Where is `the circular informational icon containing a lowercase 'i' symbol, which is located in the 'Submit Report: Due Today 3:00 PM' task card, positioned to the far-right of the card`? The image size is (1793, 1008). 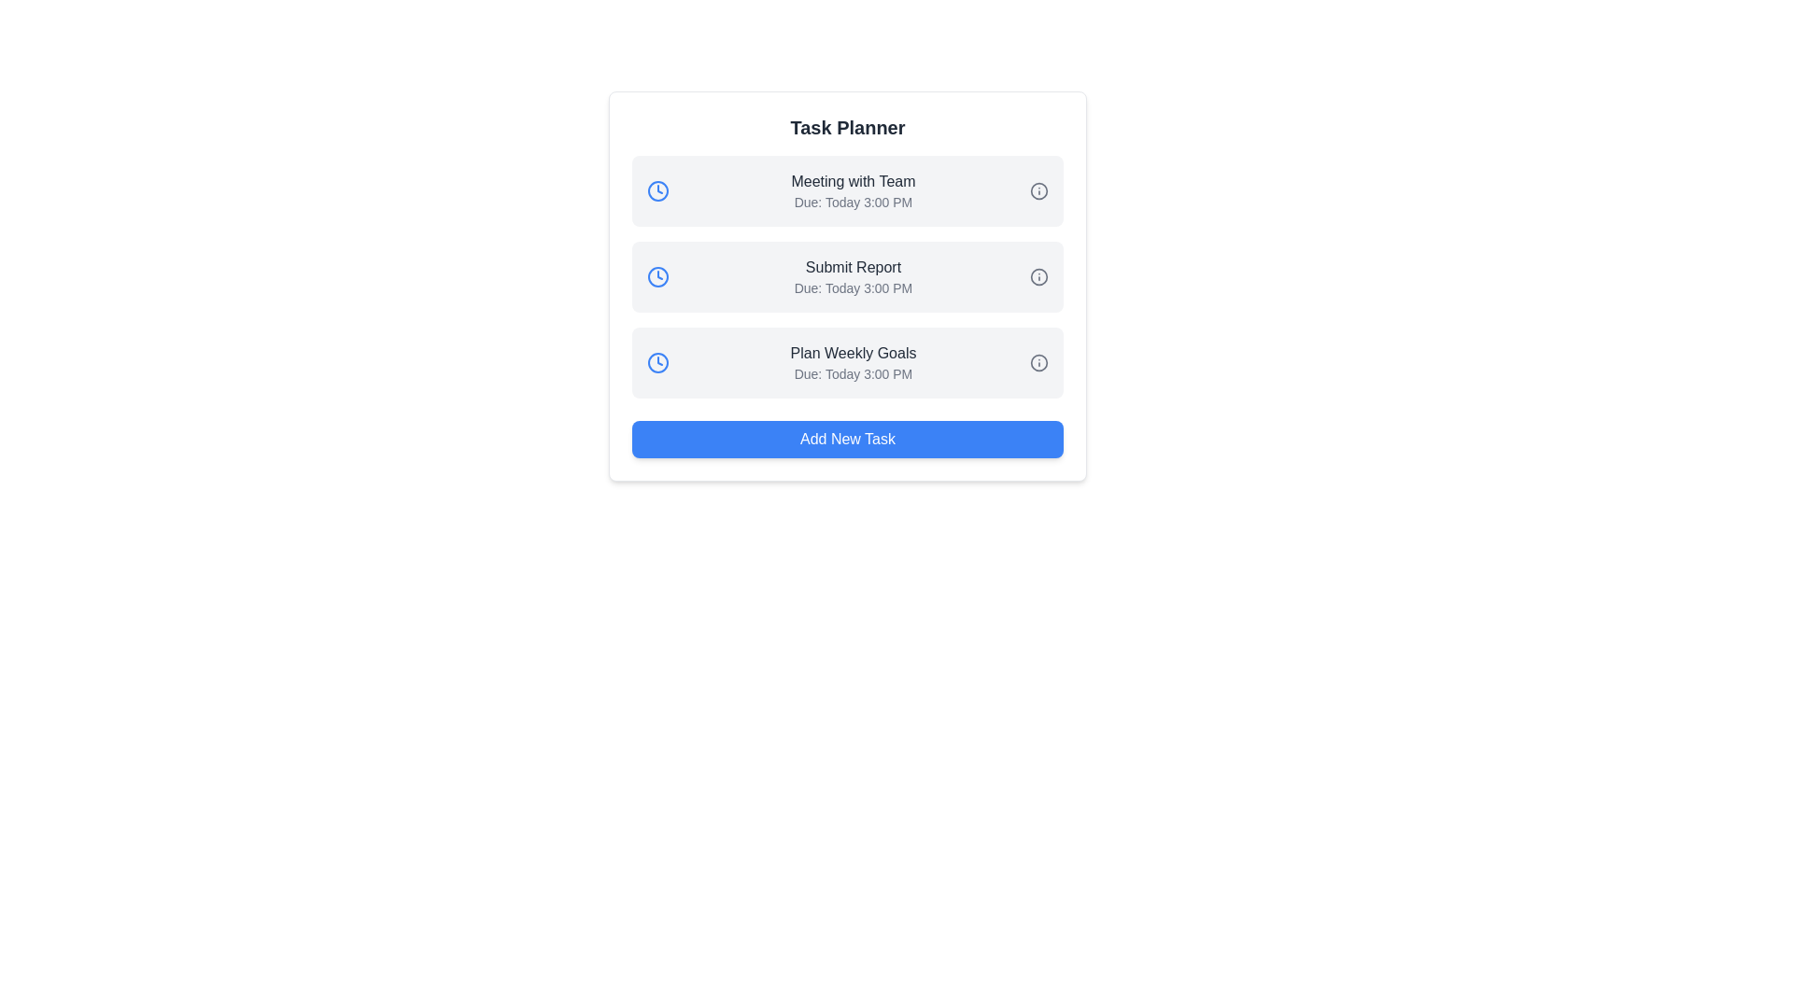 the circular informational icon containing a lowercase 'i' symbol, which is located in the 'Submit Report: Due Today 3:00 PM' task card, positioned to the far-right of the card is located at coordinates (1034, 277).